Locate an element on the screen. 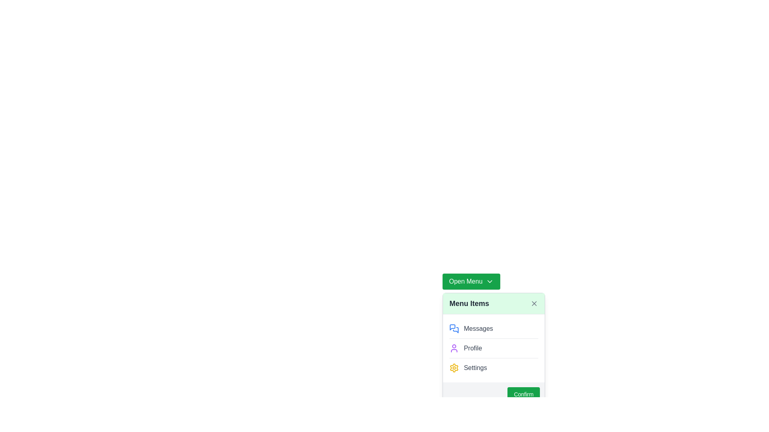 The height and width of the screenshot is (432, 769). the 'Menu Items' static text label, which is displayed in a semibold font style and dark gray color against a light green background, located in the top bar of the dropdown panel is located at coordinates (469, 304).